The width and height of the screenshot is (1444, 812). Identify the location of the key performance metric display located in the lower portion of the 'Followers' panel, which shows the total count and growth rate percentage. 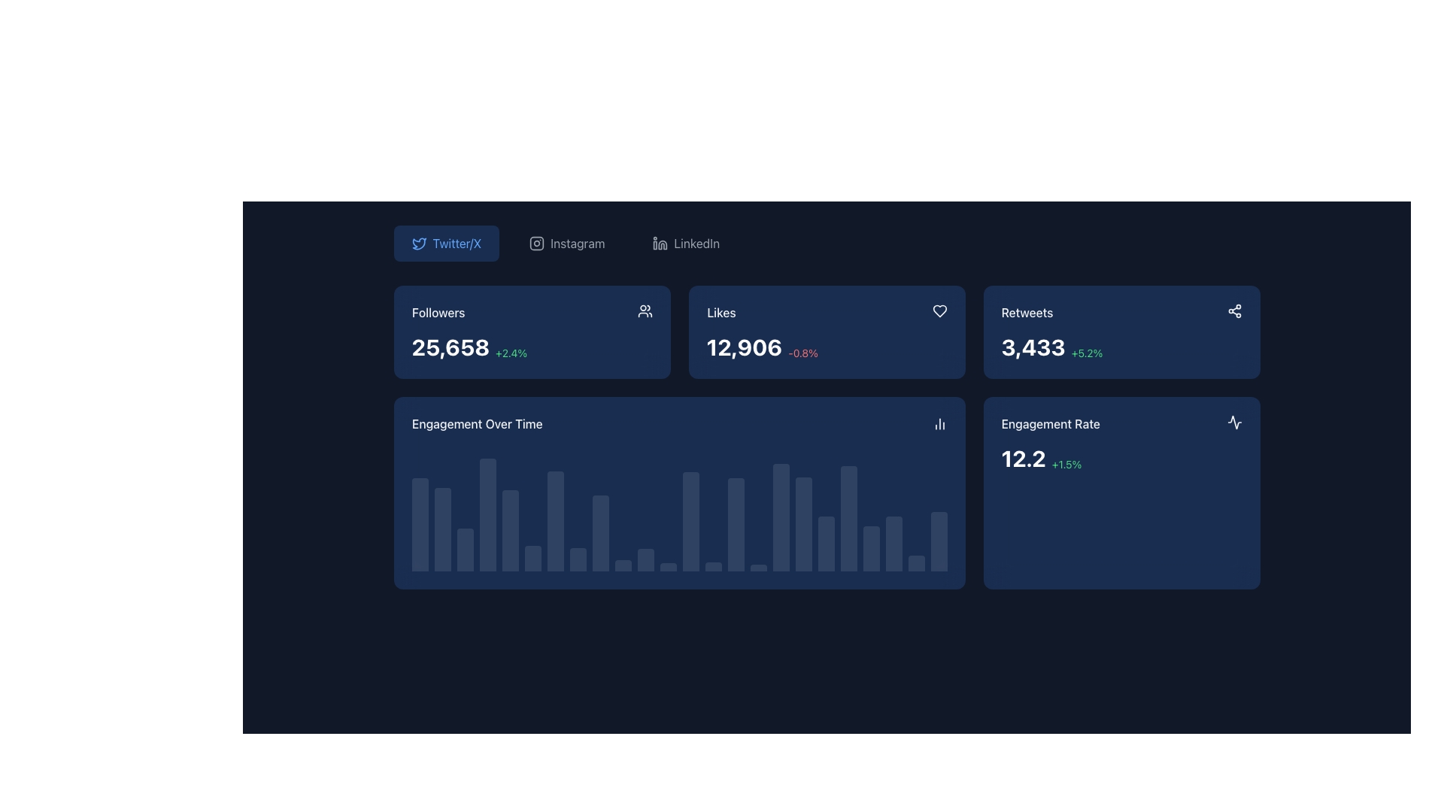
(532, 347).